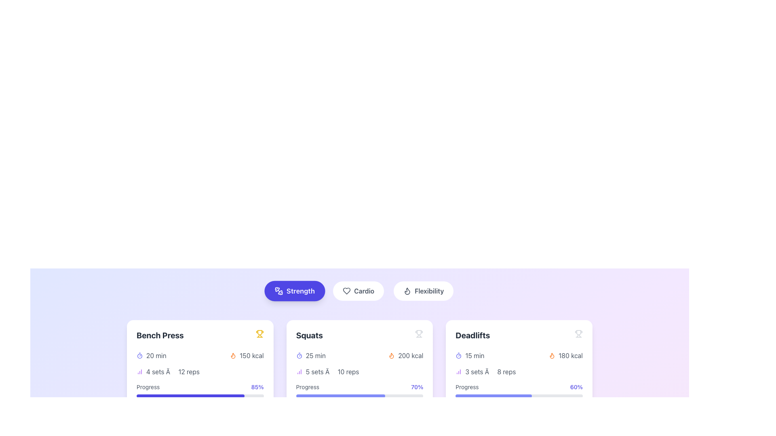  I want to click on the yellow trophy icon located at the top-right corner of the 'Bench Press' section, which is visually distinct against the surrounding text, so click(259, 333).